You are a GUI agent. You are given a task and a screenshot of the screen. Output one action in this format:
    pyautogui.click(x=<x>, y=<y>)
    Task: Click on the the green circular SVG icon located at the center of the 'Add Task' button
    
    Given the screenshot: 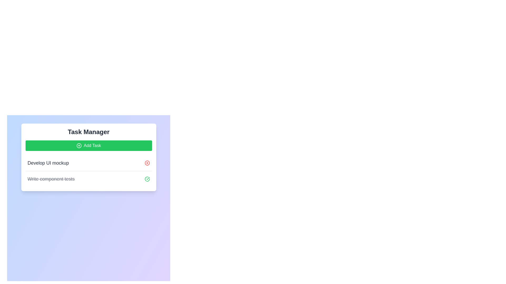 What is the action you would take?
    pyautogui.click(x=79, y=146)
    